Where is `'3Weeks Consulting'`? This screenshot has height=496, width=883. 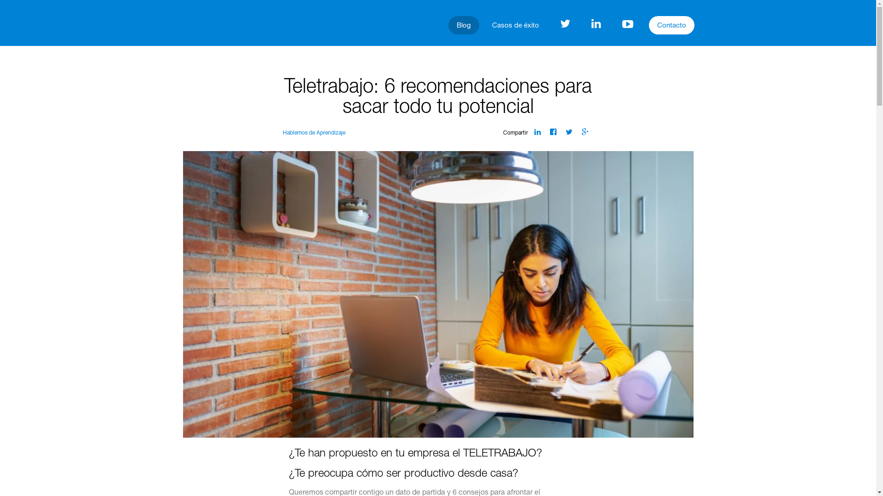 '3Weeks Consulting' is located at coordinates (206, 23).